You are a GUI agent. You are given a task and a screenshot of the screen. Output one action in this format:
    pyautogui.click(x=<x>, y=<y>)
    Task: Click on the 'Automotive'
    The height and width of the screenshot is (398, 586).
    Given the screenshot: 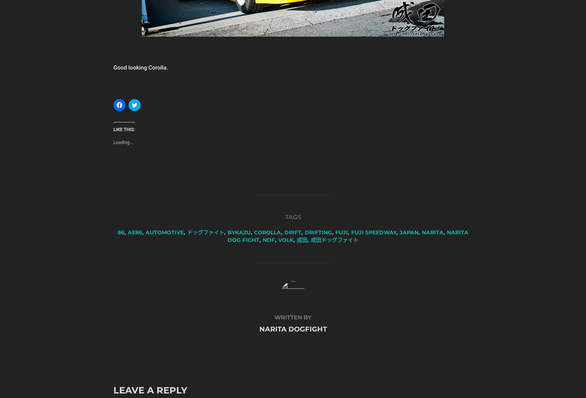 What is the action you would take?
    pyautogui.click(x=164, y=232)
    